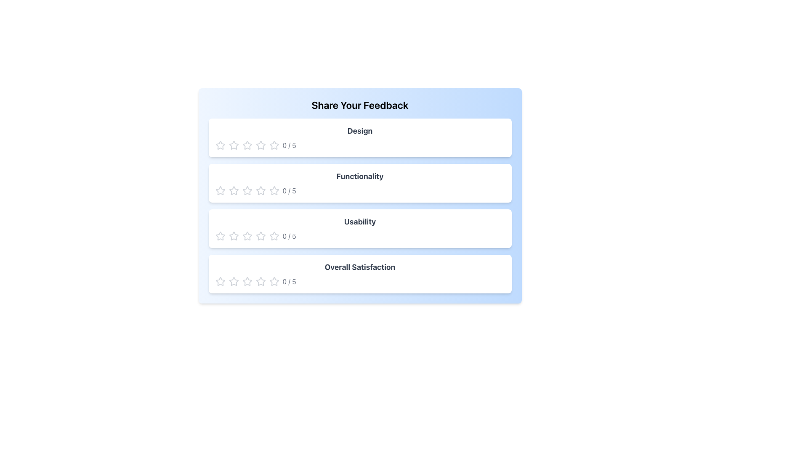 The image size is (808, 454). I want to click on the second star in the 'Overall Satisfaction' rating section to provide a 2-star rating, so click(234, 282).